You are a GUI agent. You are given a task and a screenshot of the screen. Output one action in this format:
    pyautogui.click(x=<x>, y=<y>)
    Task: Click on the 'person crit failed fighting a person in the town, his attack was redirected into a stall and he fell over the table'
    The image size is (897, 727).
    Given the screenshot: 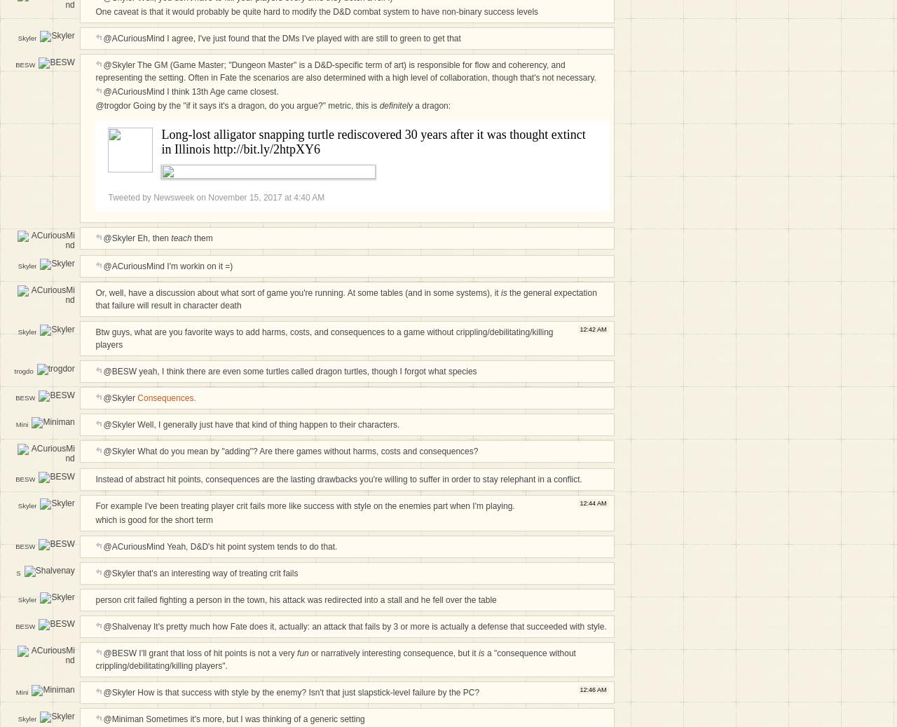 What is the action you would take?
    pyautogui.click(x=295, y=599)
    